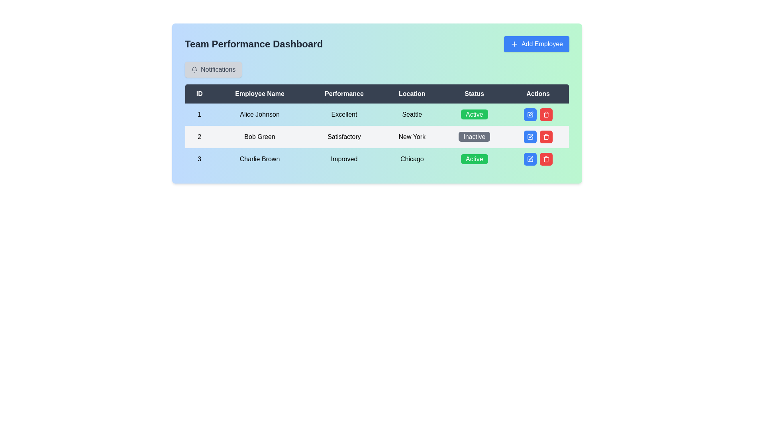  I want to click on the 'Add Employee' button located in the top-right corner of the 'Team Performance Dashboard' interface, so click(536, 44).